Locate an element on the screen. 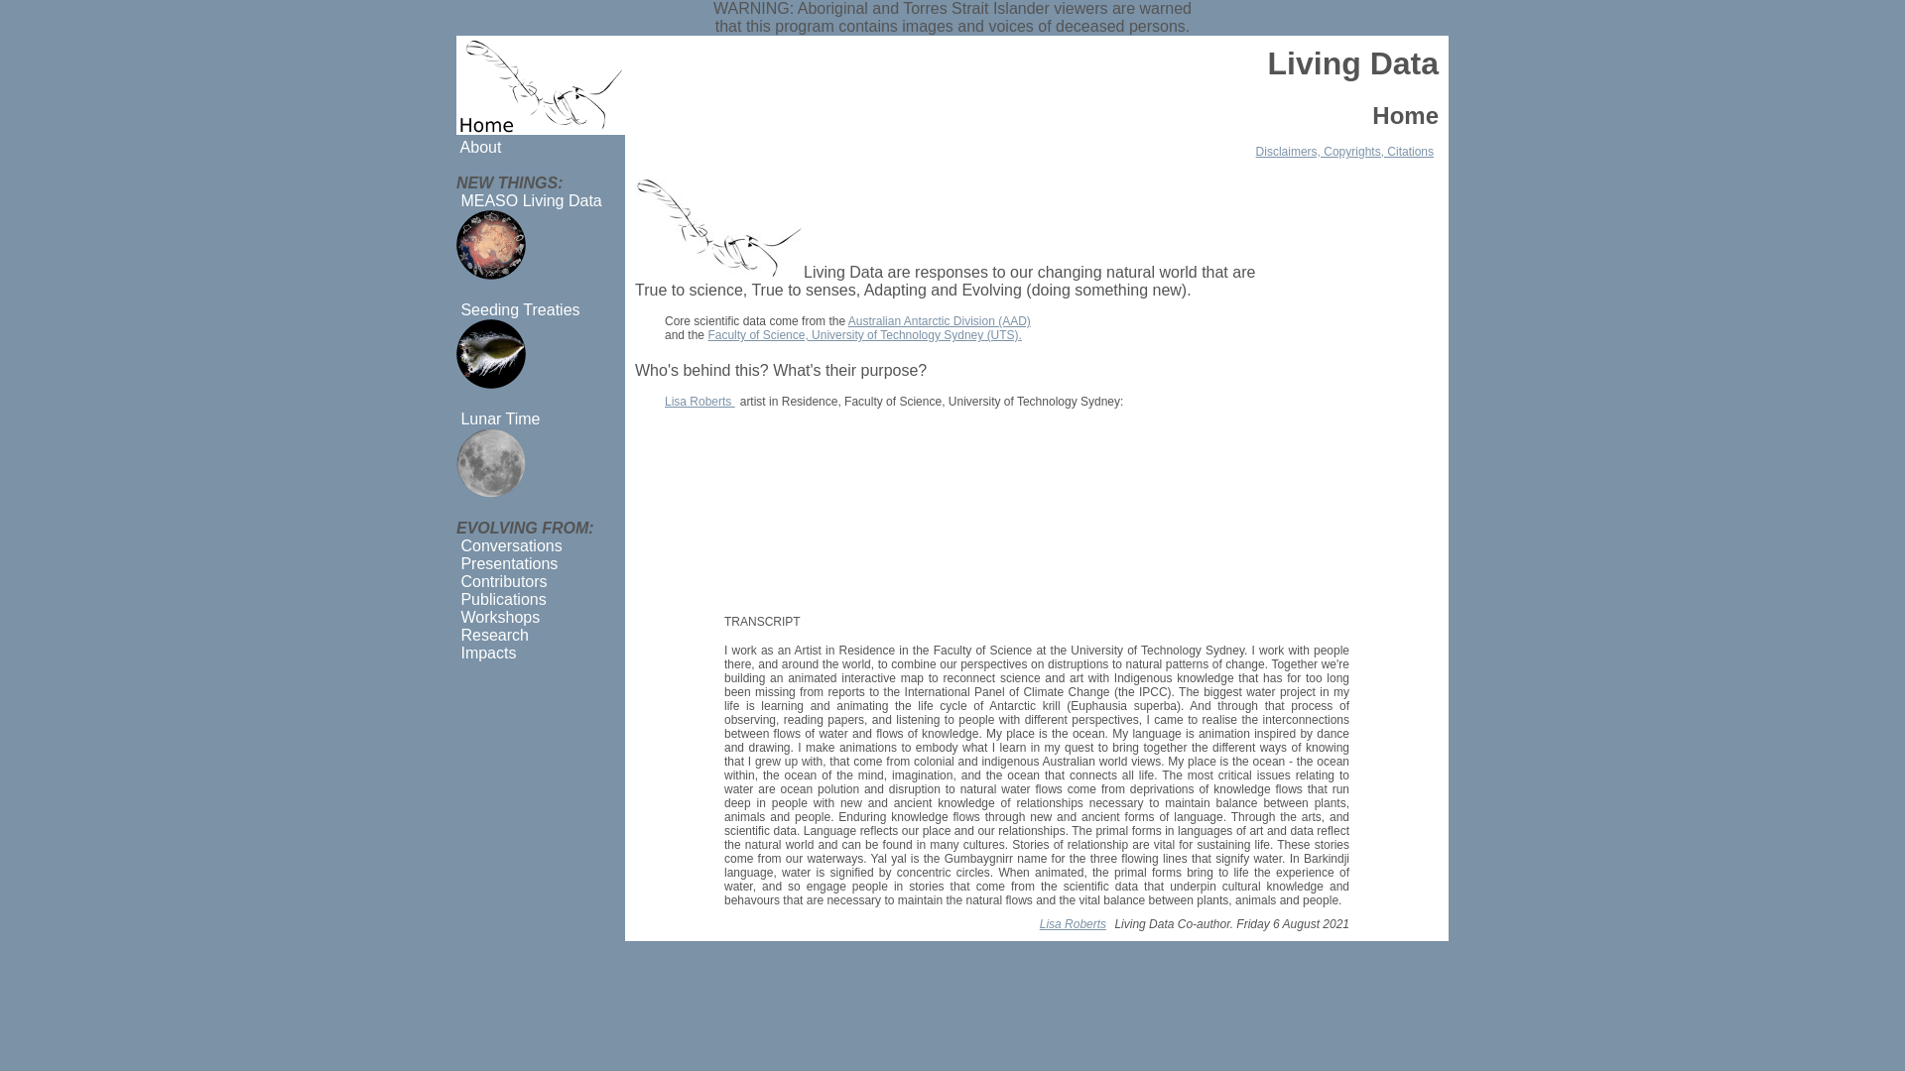 Image resolution: width=1905 pixels, height=1071 pixels. 'Disclaimers, Copyrights, Citations' is located at coordinates (1347, 151).